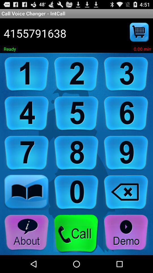  Describe the element at coordinates (76, 233) in the screenshot. I see `connects to a phone call` at that location.